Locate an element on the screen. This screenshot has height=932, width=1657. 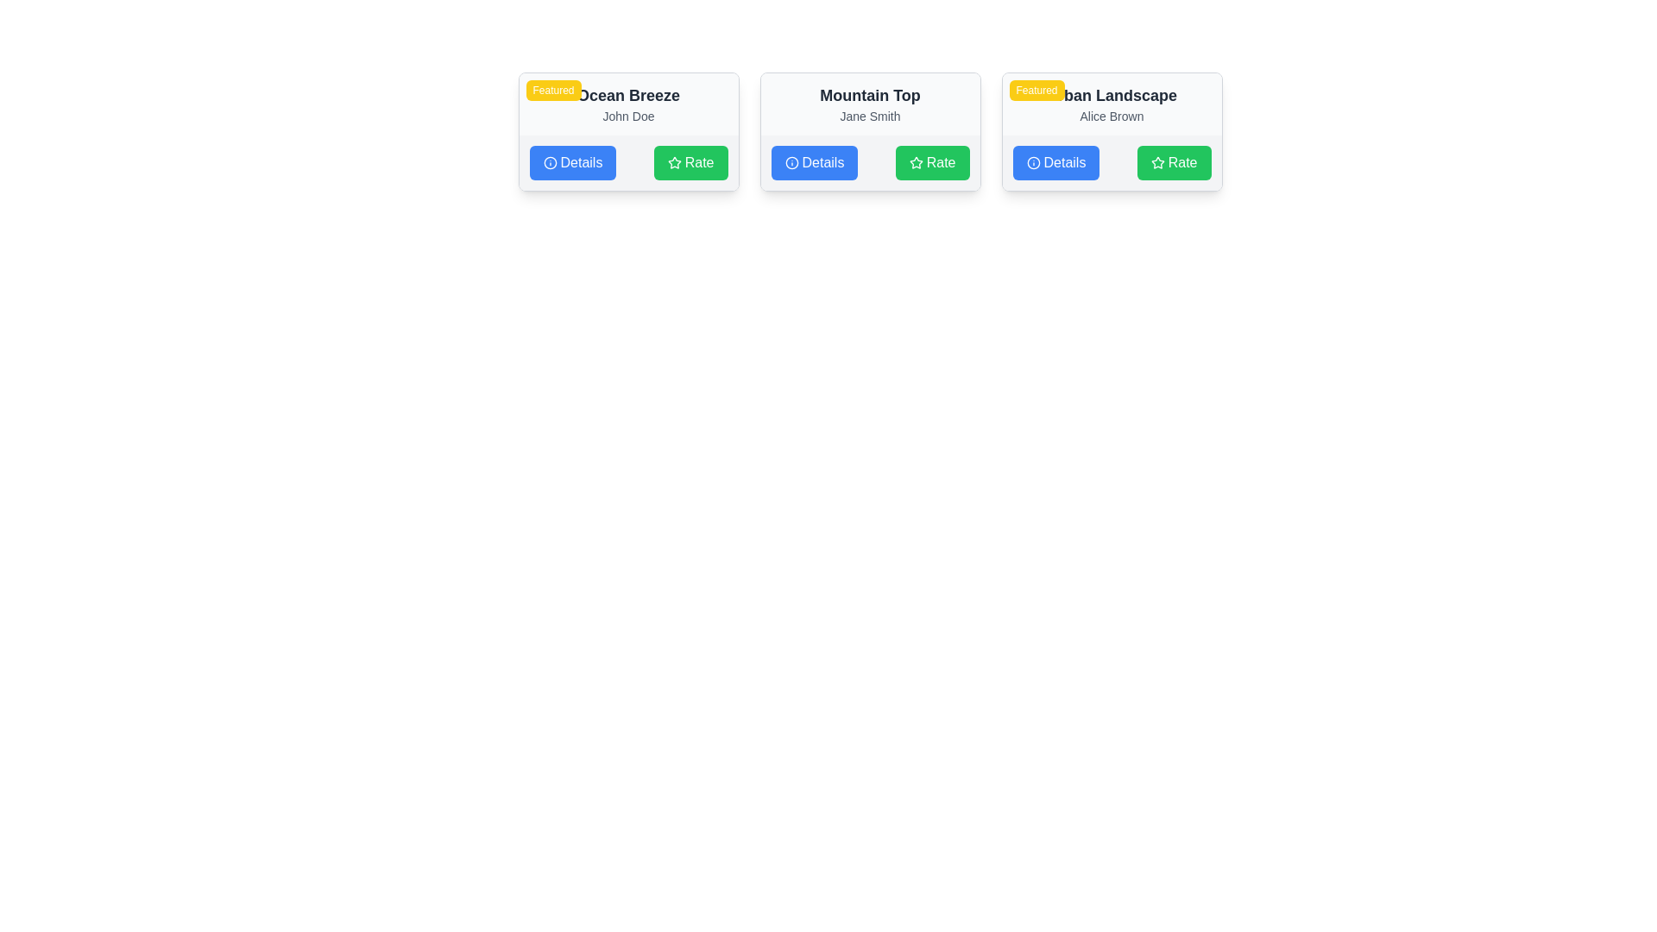
the blue button with rounded corners containing an information icon and the text 'Details' is located at coordinates (572, 163).